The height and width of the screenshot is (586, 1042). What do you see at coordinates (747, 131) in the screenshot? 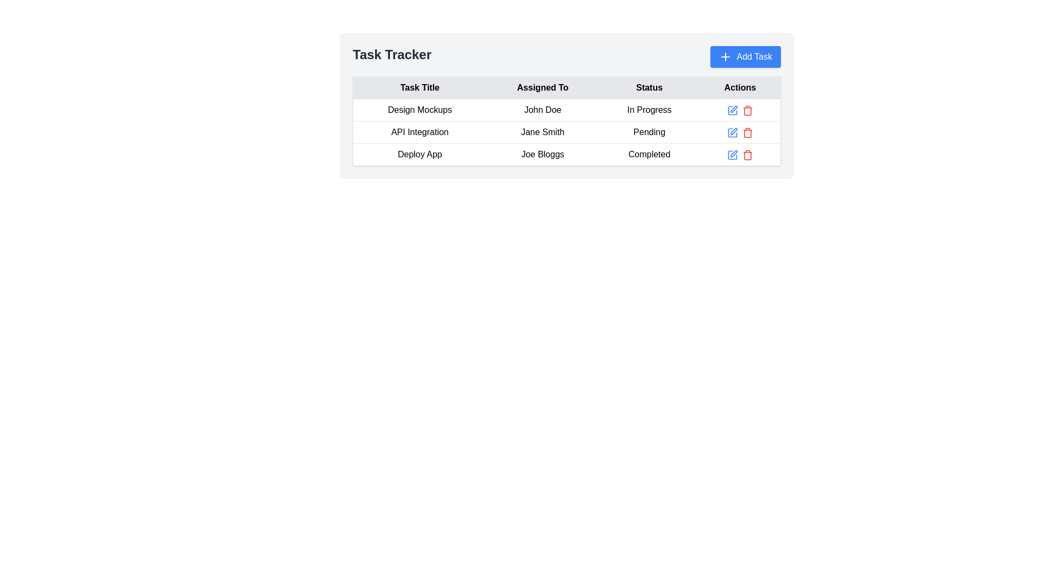
I see `the deletion button for the 'API Integration' task, which is the second icon in the 'Actions' column of the second row in the table` at bounding box center [747, 131].